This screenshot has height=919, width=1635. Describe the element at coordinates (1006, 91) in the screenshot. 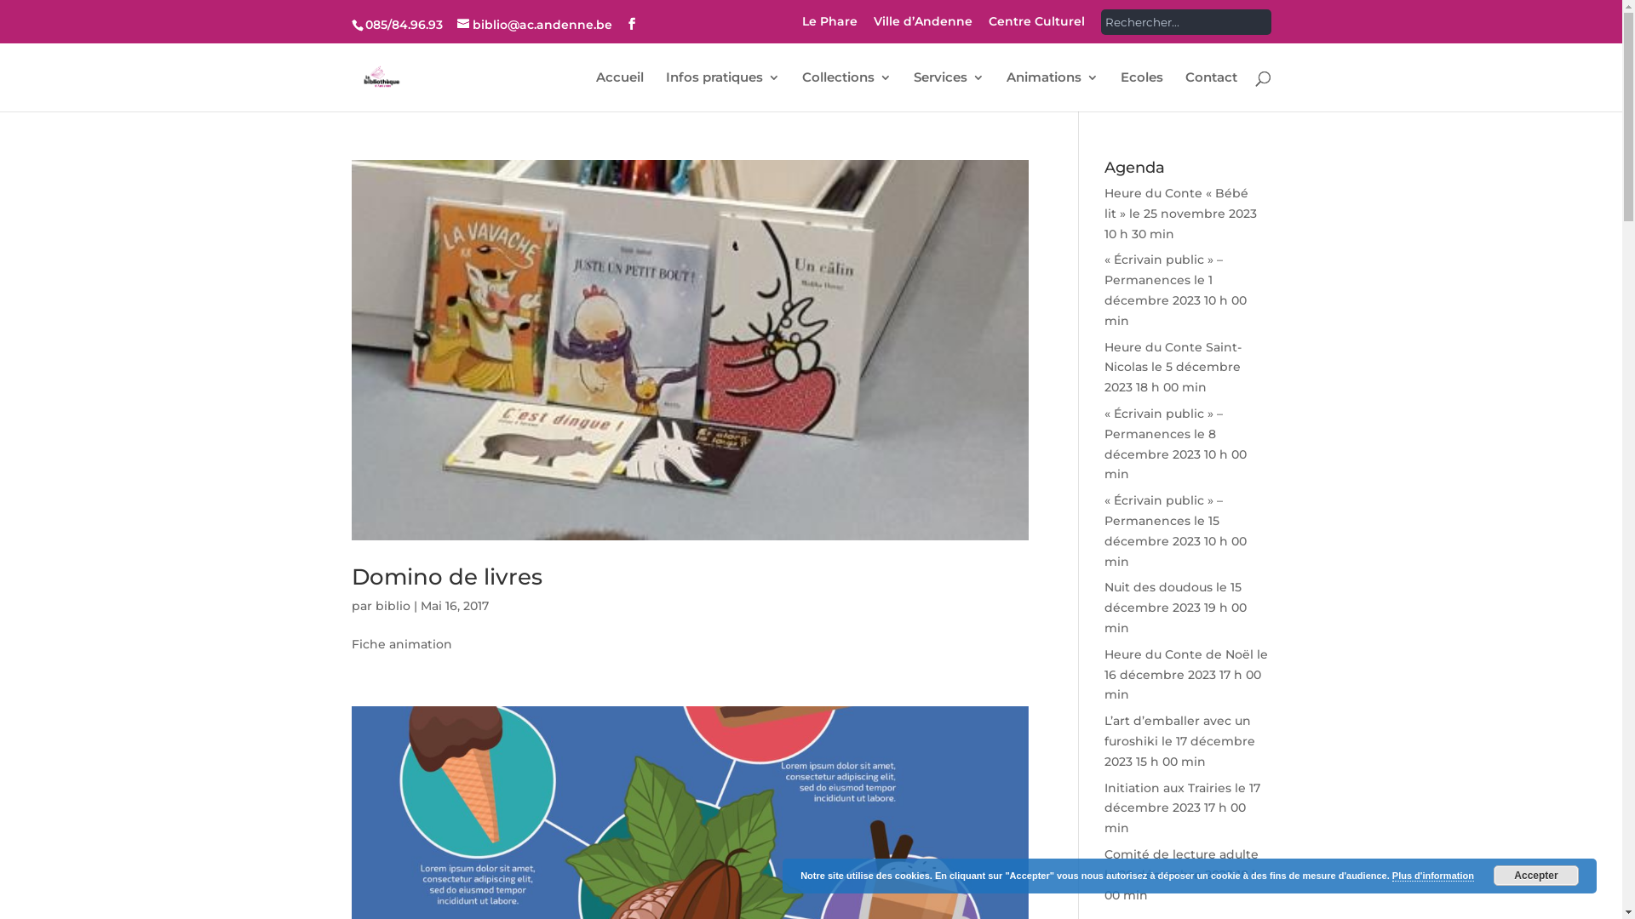

I see `'Animations'` at that location.